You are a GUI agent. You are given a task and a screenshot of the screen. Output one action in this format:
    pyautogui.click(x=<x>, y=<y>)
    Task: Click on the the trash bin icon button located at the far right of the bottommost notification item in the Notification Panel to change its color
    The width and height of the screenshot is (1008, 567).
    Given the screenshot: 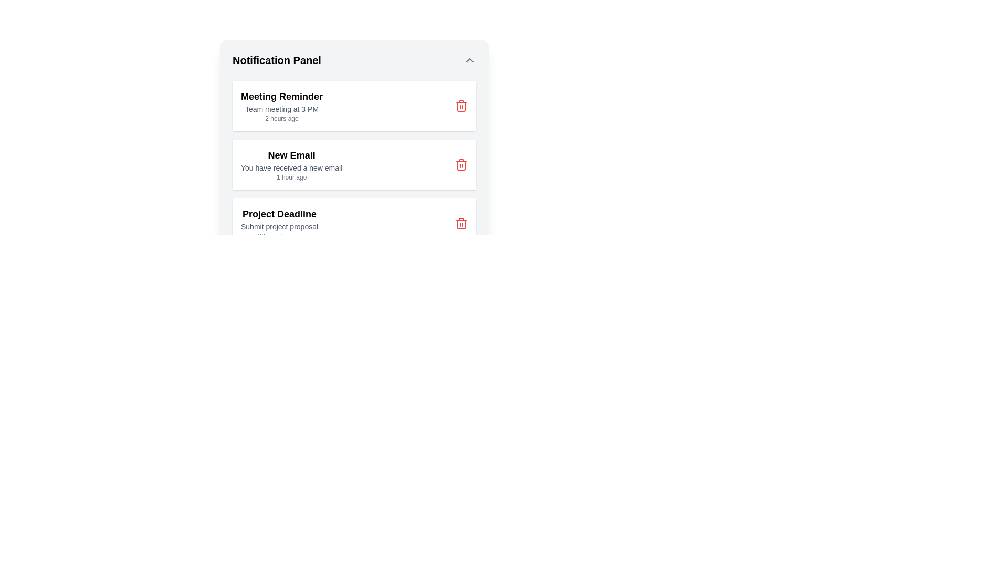 What is the action you would take?
    pyautogui.click(x=461, y=223)
    